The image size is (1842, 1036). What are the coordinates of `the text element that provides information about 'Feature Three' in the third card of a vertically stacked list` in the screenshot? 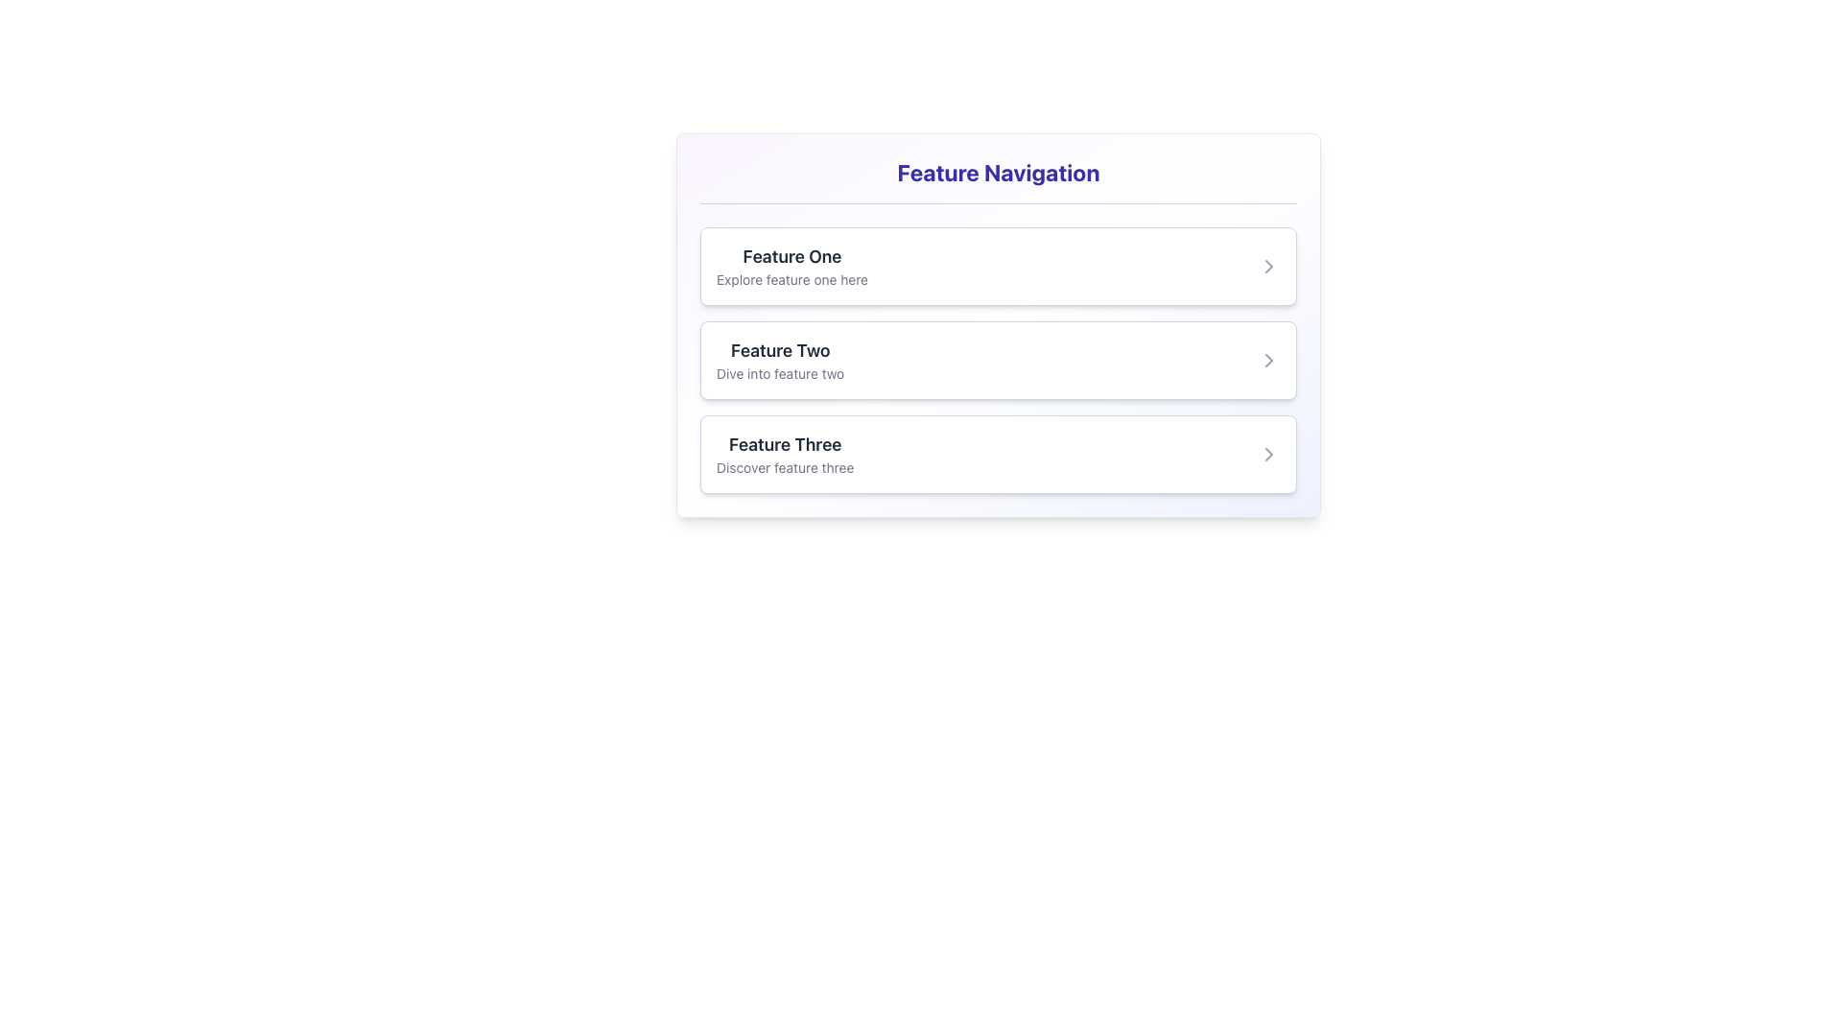 It's located at (785, 455).